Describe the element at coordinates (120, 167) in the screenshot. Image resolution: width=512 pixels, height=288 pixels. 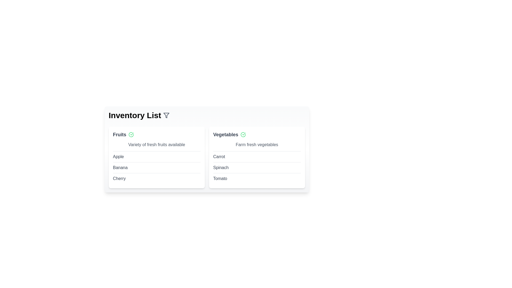
I see `the item Banana in the inventory` at that location.